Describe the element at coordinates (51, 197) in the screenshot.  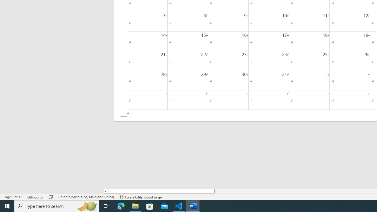
I see `'Spelling and Grammar Check Checking'` at that location.